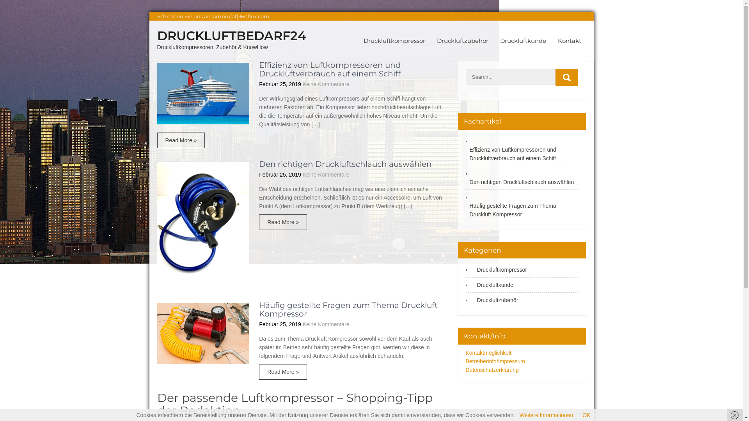  I want to click on 'Druckluftkompressor', so click(394, 41).